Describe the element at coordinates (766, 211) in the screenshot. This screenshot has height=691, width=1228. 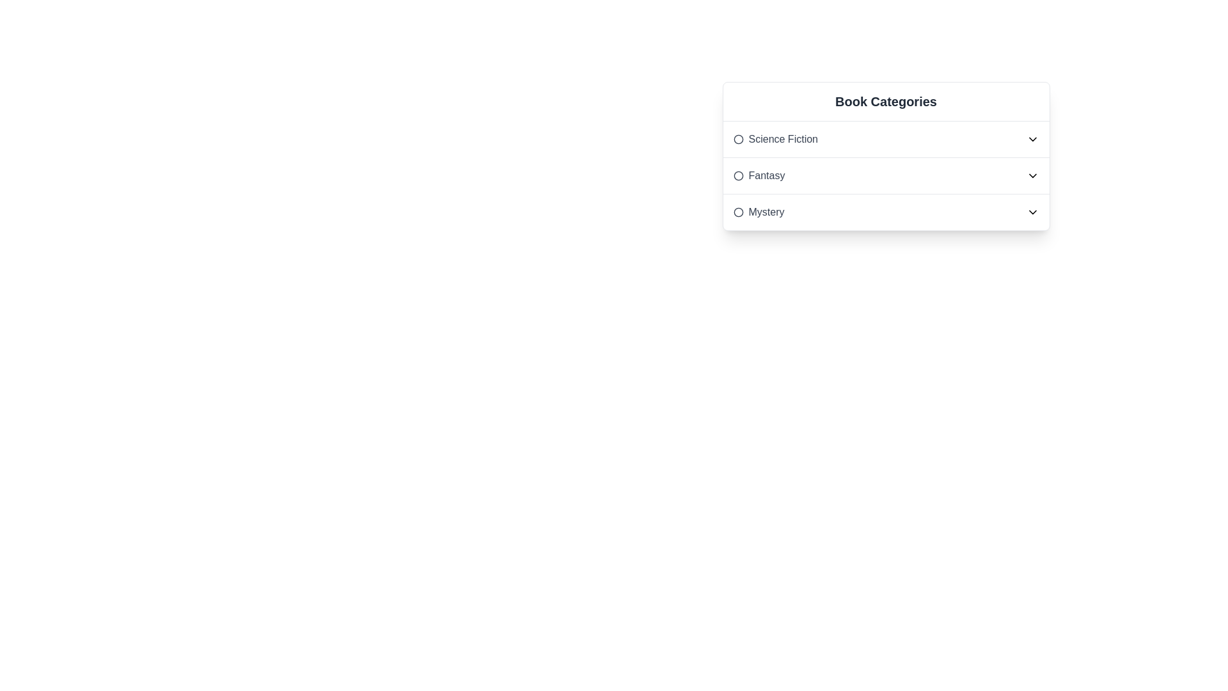
I see `the text label displaying the word 'Mystery' located in the third row of the 'Book Categories' list, positioned to the right of a circular icon` at that location.